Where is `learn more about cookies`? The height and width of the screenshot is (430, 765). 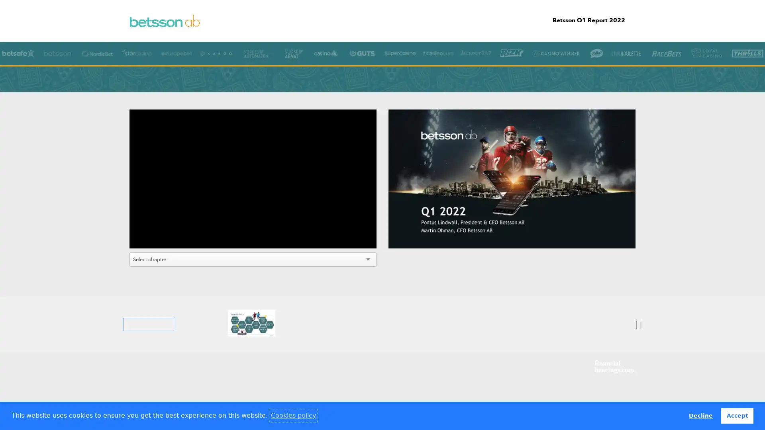 learn more about cookies is located at coordinates (292, 415).